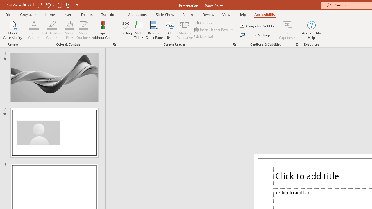  I want to click on 'Color & Contrast', so click(115, 44).